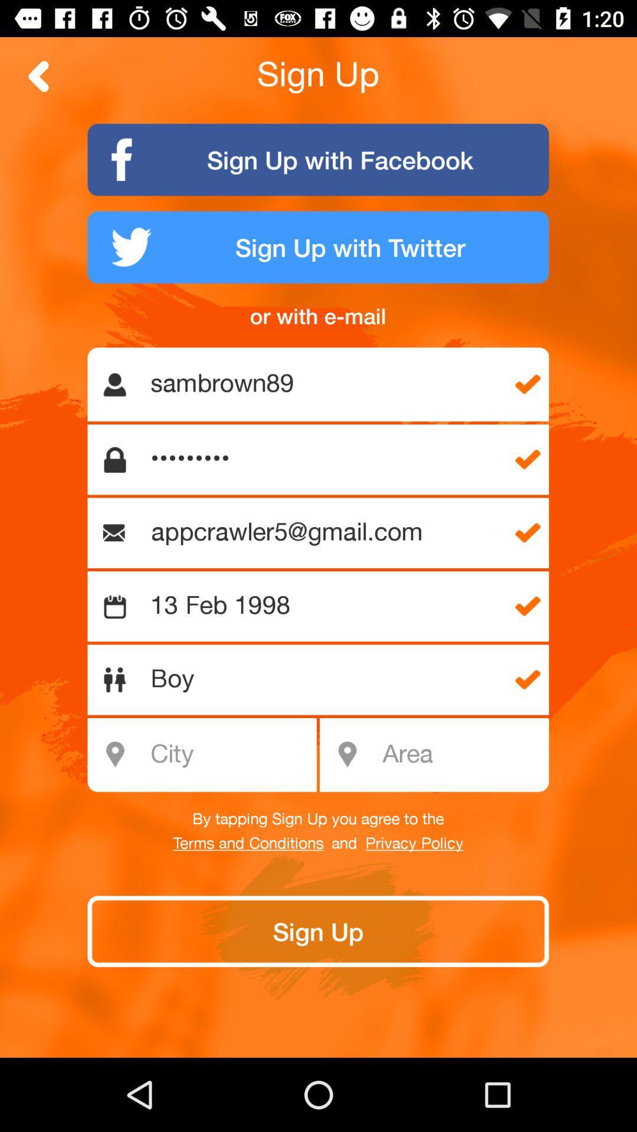 This screenshot has width=637, height=1132. Describe the element at coordinates (38, 75) in the screenshot. I see `go back` at that location.